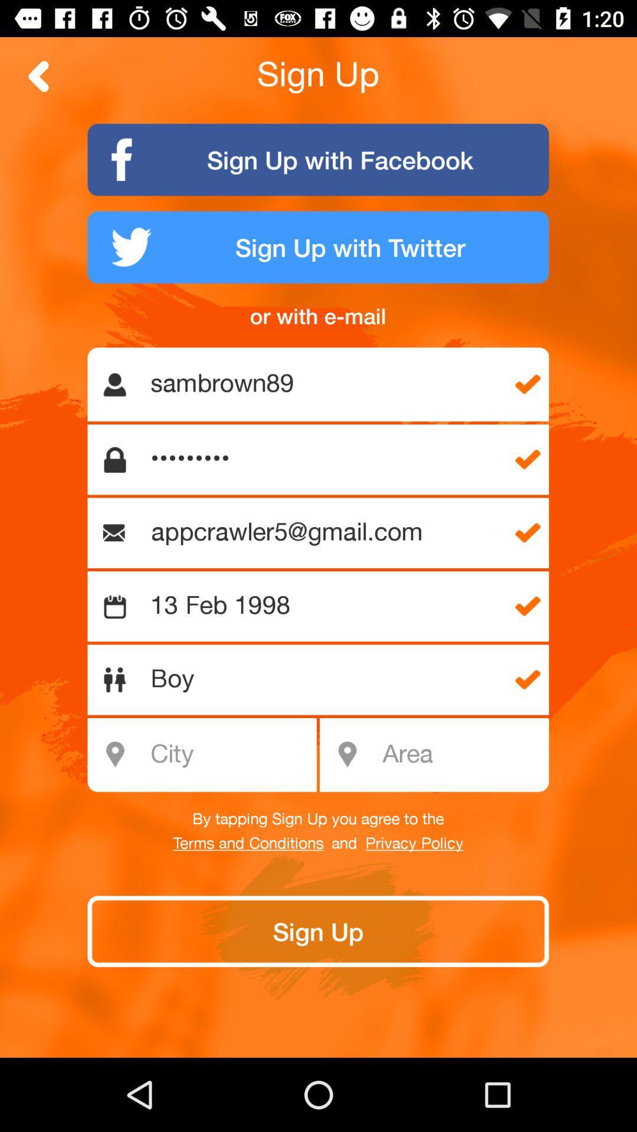 This screenshot has width=637, height=1132. Describe the element at coordinates (38, 75) in the screenshot. I see `go back` at that location.